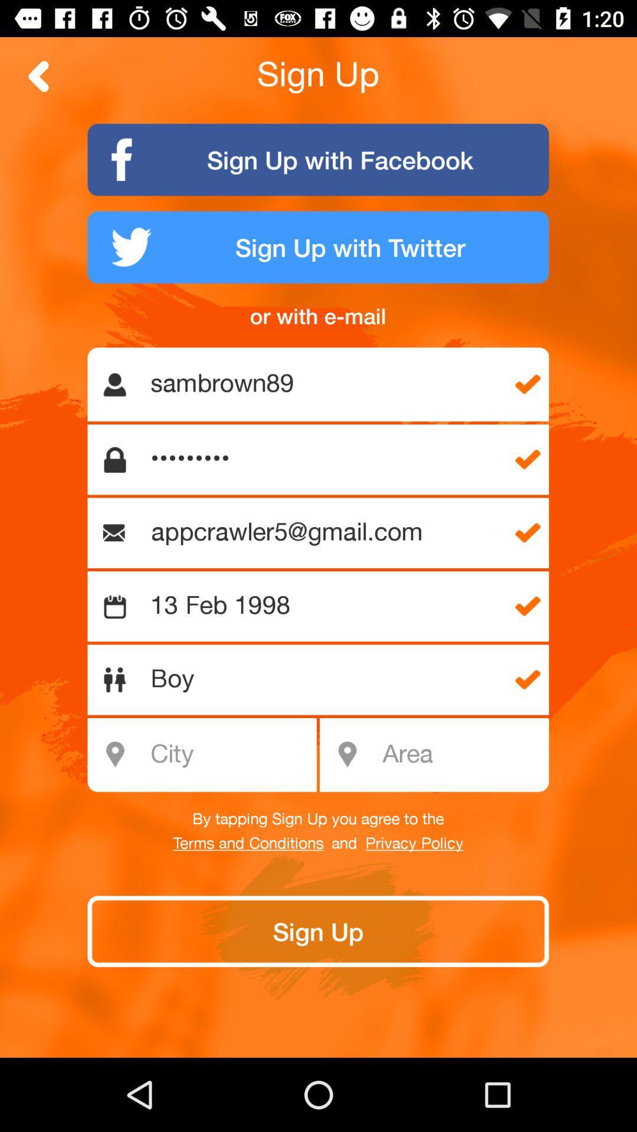 This screenshot has width=637, height=1132. Describe the element at coordinates (38, 75) in the screenshot. I see `go back` at that location.